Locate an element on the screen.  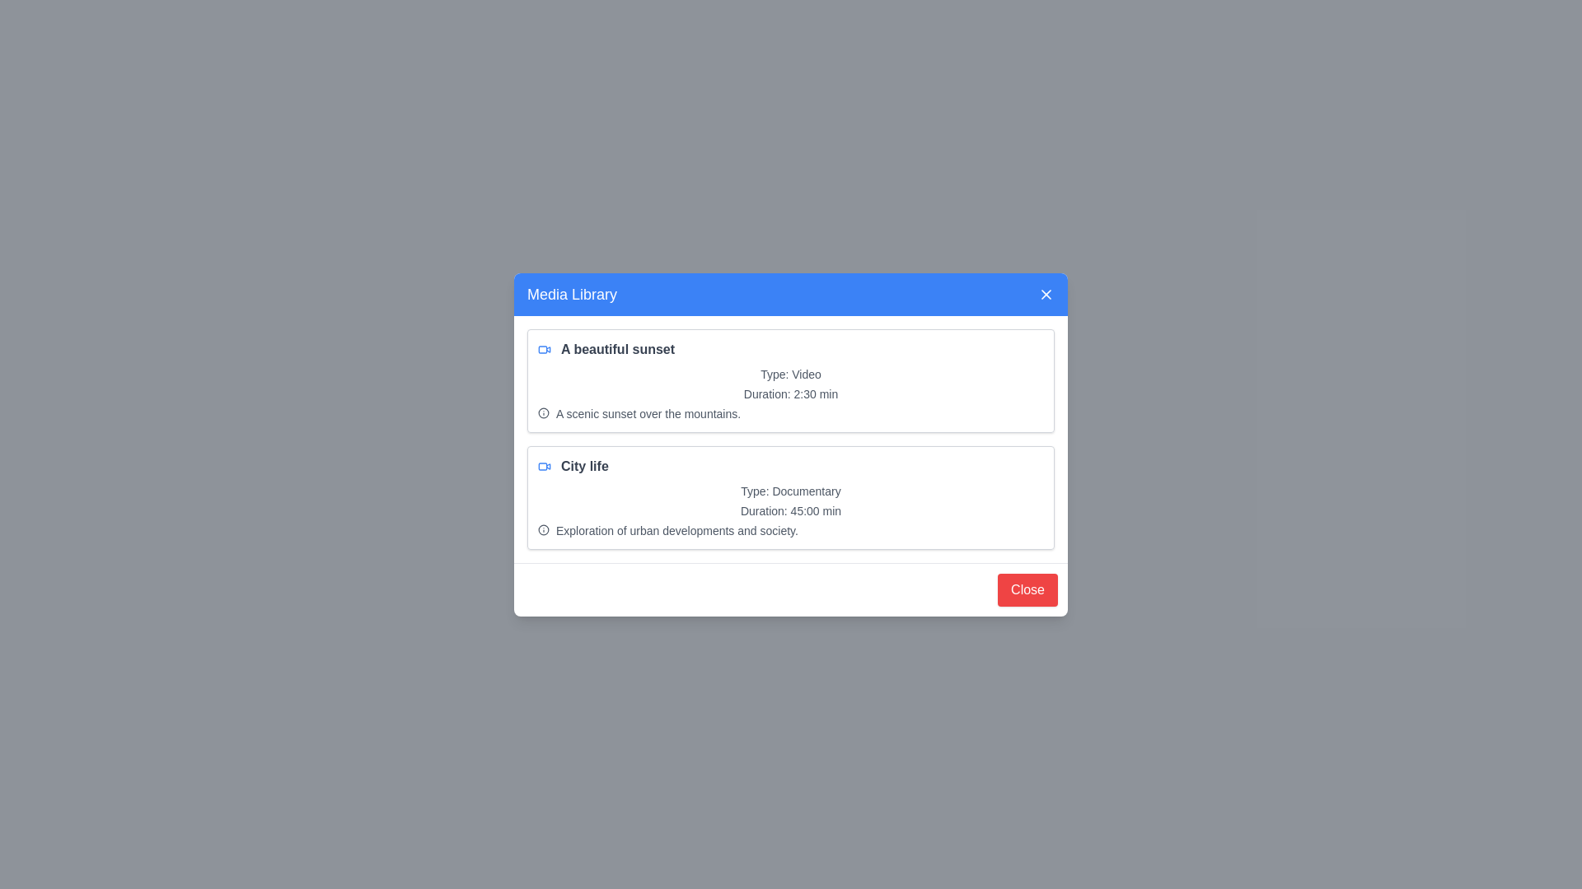
the miniature blue video camera icon located at the leftmost side of the title bar of the media item titled 'A beautiful sunset' is located at coordinates (545, 348).